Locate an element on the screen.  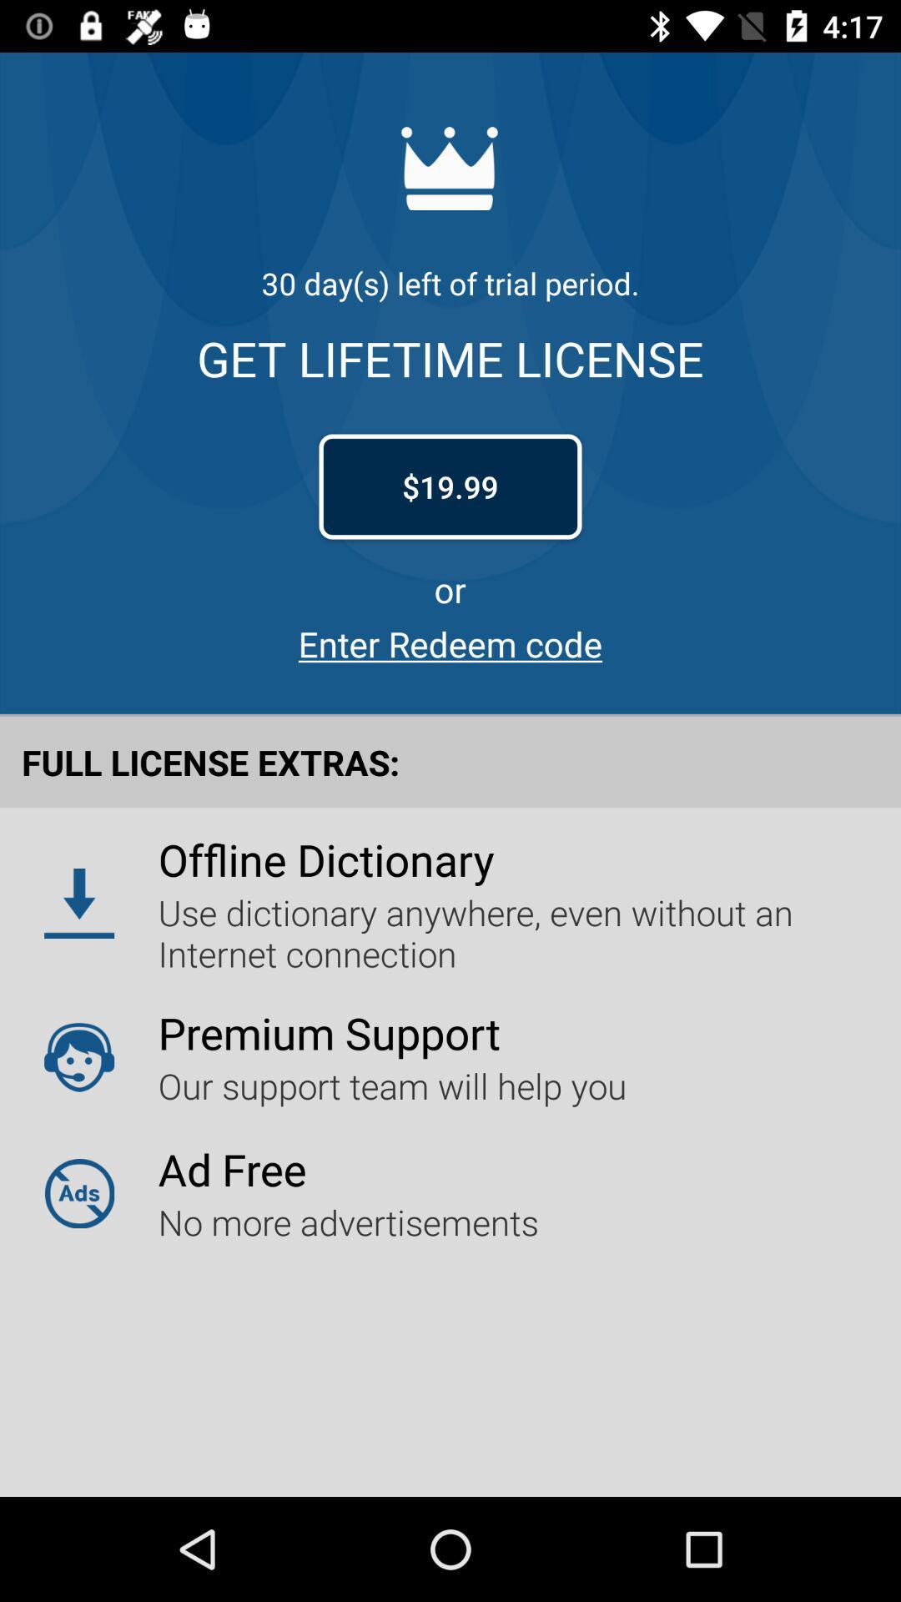
1999 is located at coordinates (450, 486).